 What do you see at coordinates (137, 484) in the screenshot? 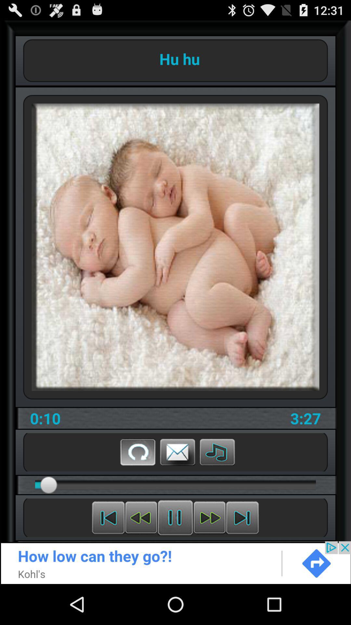
I see `the refresh icon` at bounding box center [137, 484].